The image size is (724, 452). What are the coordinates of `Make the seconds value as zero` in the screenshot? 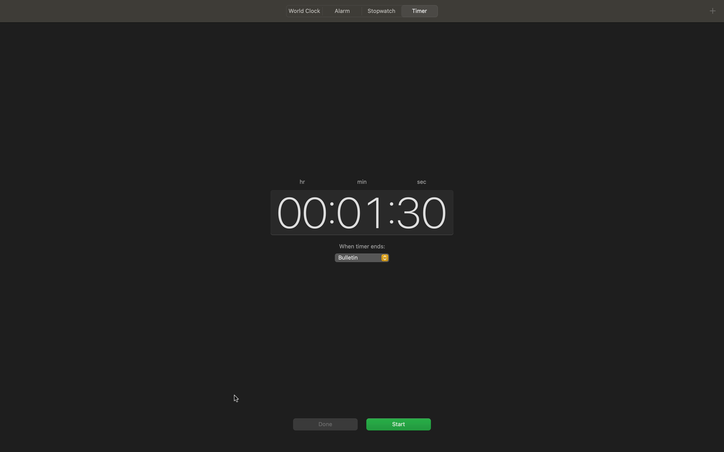 It's located at (422, 211).